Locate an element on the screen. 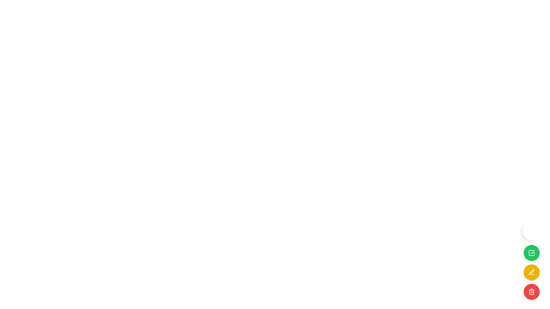 Image resolution: width=550 pixels, height=309 pixels. the green checkmark icon located at the bottom-right corner of the interface, which is the topmost among three vertically aligned circular icons is located at coordinates (531, 252).